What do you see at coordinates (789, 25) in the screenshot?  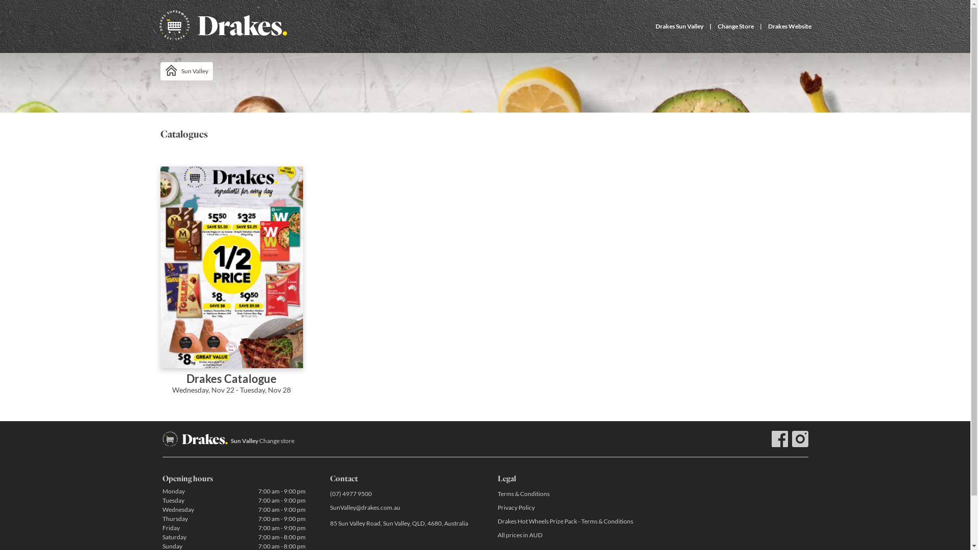 I see `'Drakes Website'` at bounding box center [789, 25].